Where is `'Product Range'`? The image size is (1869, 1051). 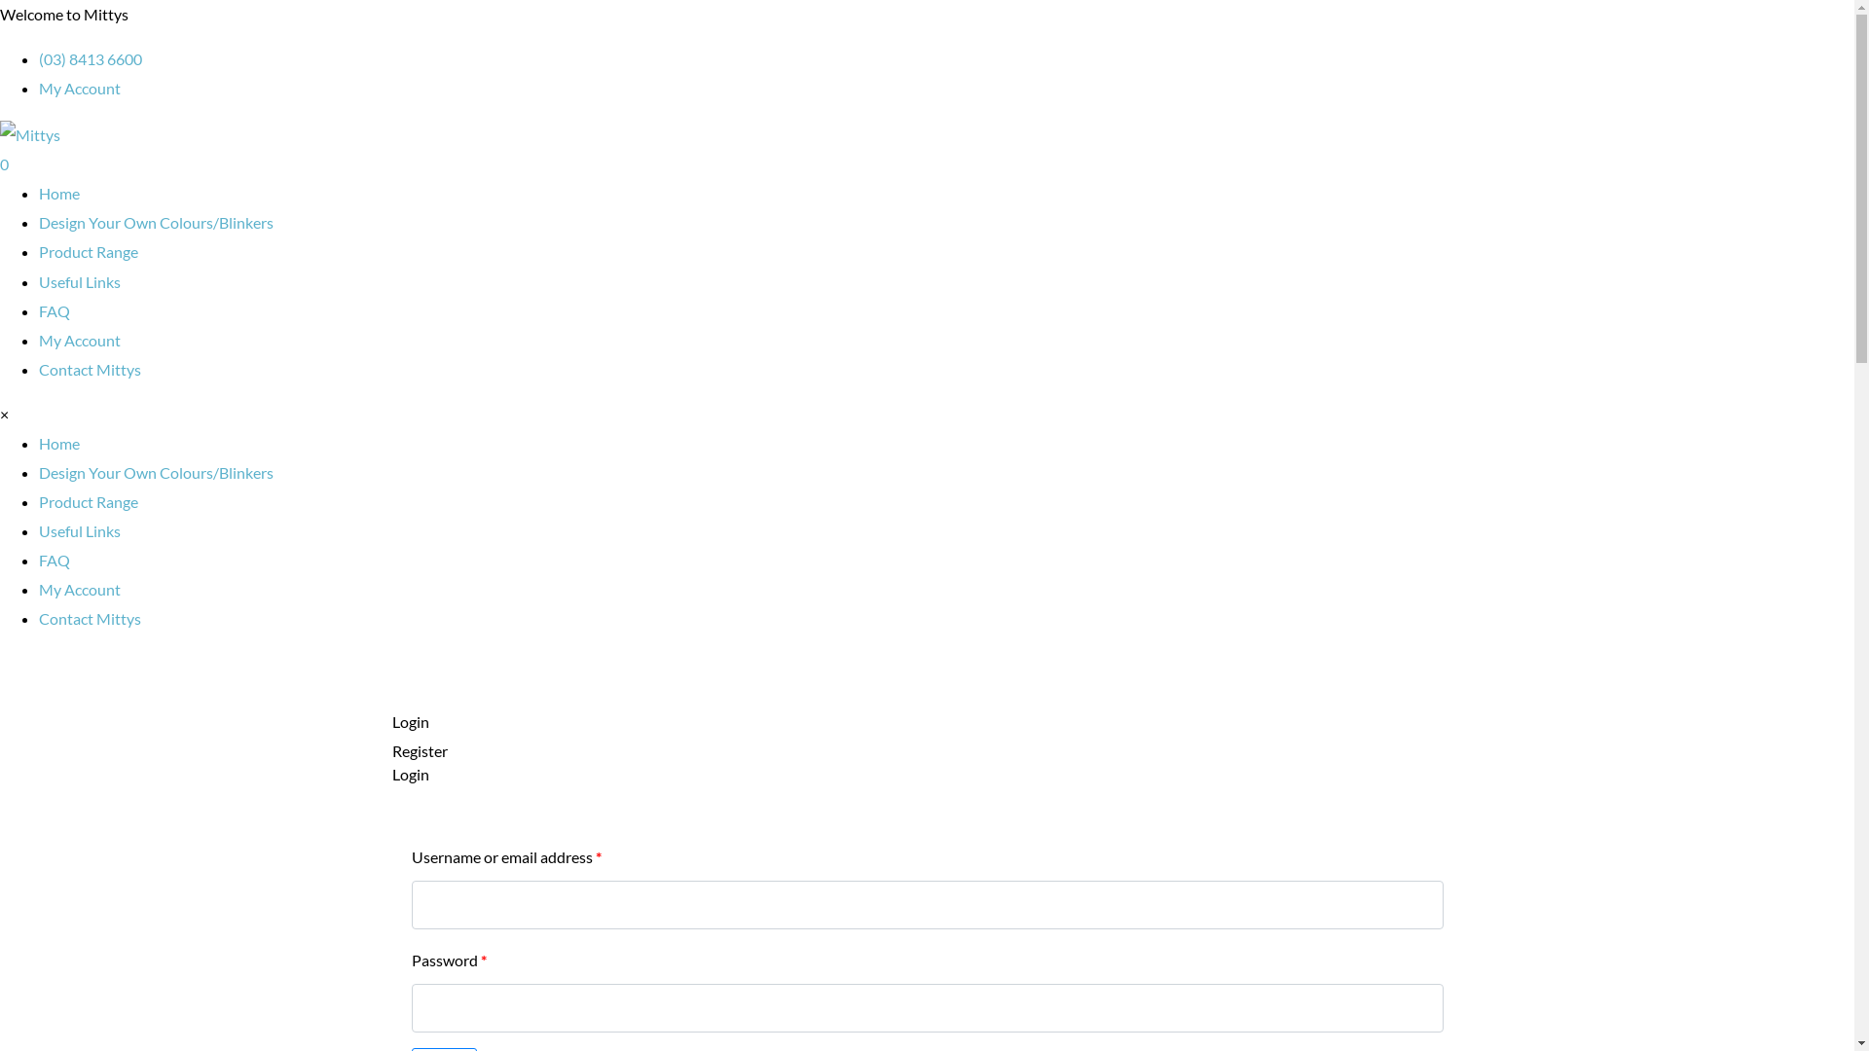 'Product Range' is located at coordinates (88, 250).